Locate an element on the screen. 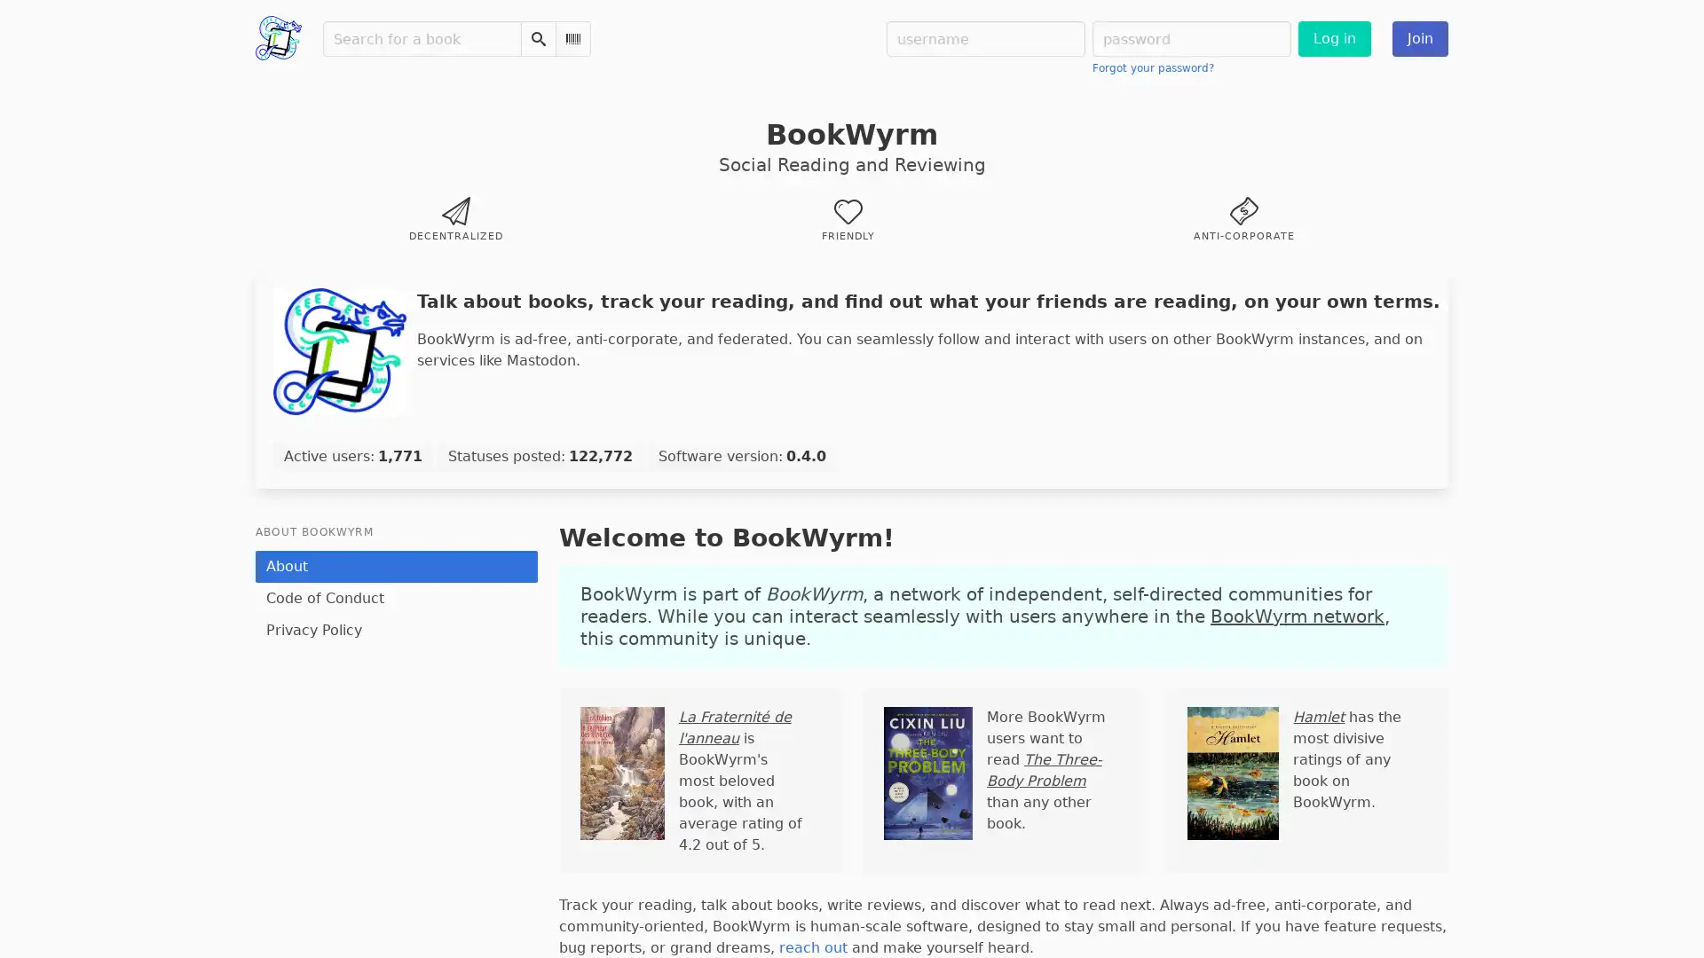 The width and height of the screenshot is (1704, 958). Log in is located at coordinates (1334, 38).